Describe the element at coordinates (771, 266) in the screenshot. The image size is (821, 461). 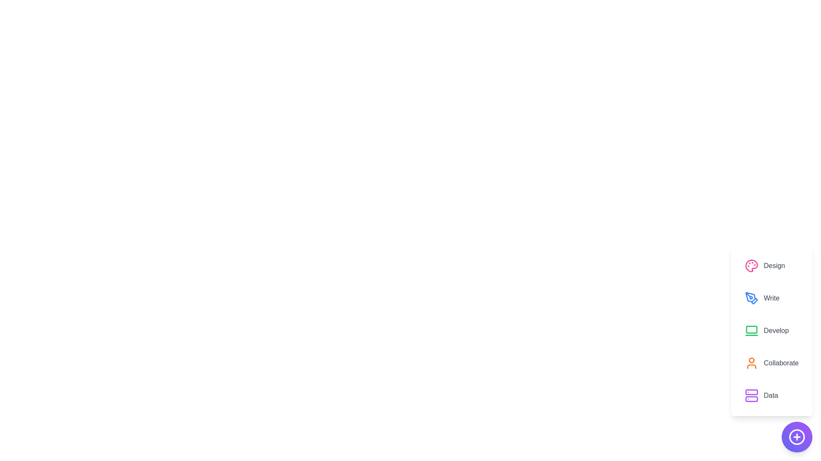
I see `the option labeled Design to preview its effect` at that location.